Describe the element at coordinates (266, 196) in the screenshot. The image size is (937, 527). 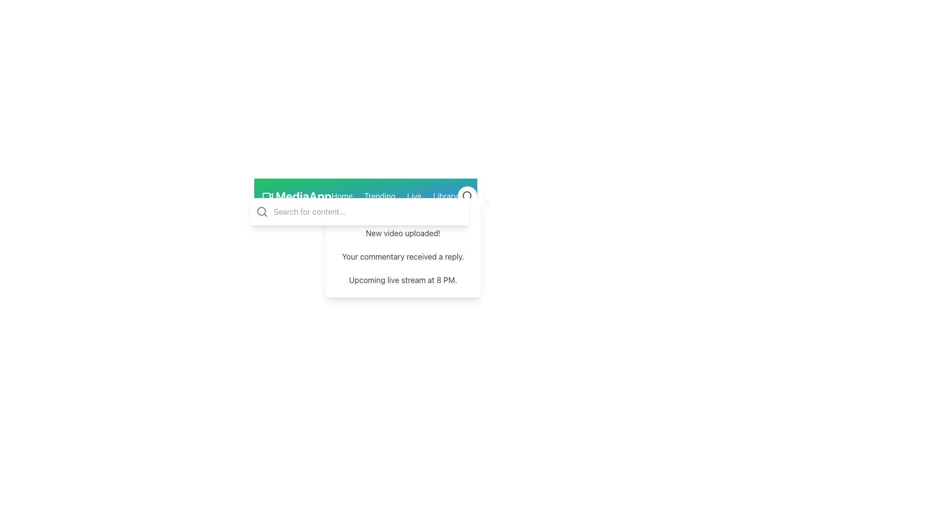
I see `the rectangular box with rounded corners that forms the base of the video camera icon, positioned within the navigation bar` at that location.